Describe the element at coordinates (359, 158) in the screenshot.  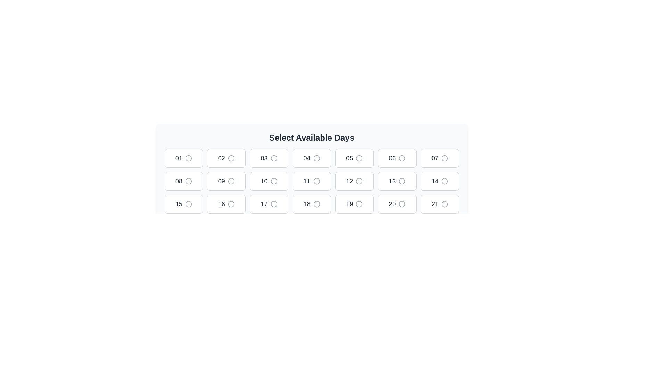
I see `the circular visual indicator located to the right of the text '05' in the fifth selectable day box of the calendar-style grid interface` at that location.